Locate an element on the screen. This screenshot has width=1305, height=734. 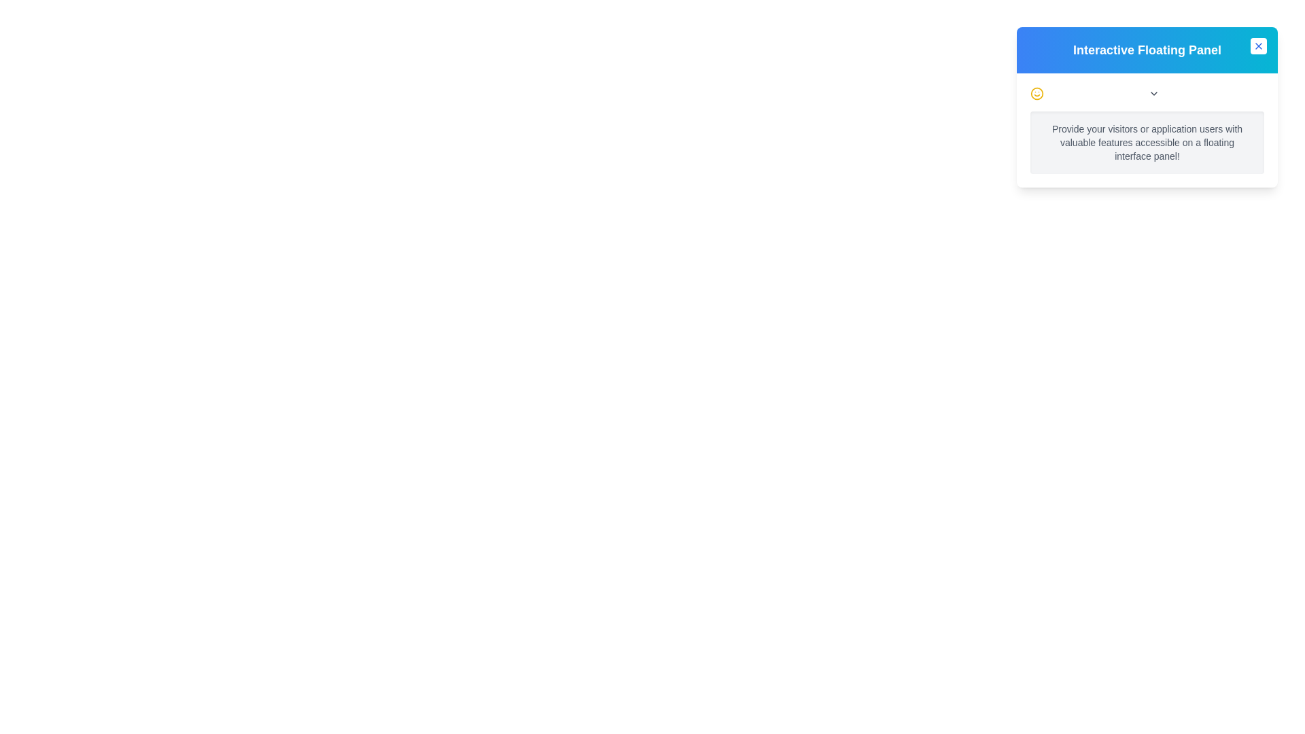
the main circular outline of the smiley face icon in the 'Interactive Floating Panel' located near the top-left side is located at coordinates (1037, 93).